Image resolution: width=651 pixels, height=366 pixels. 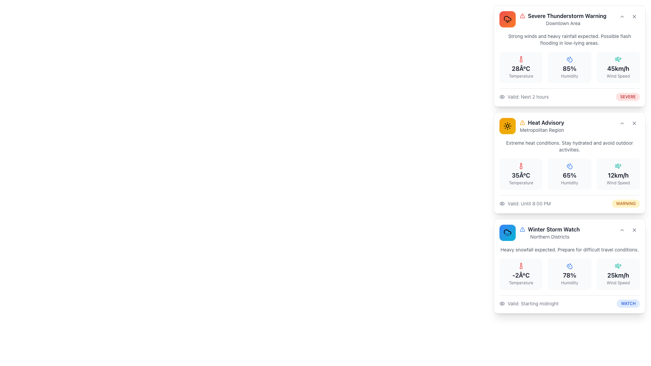 I want to click on the Informational card displaying '25km/h' for Wind Speed details, located in the 'Winter Storm Watch' section, so click(x=618, y=274).